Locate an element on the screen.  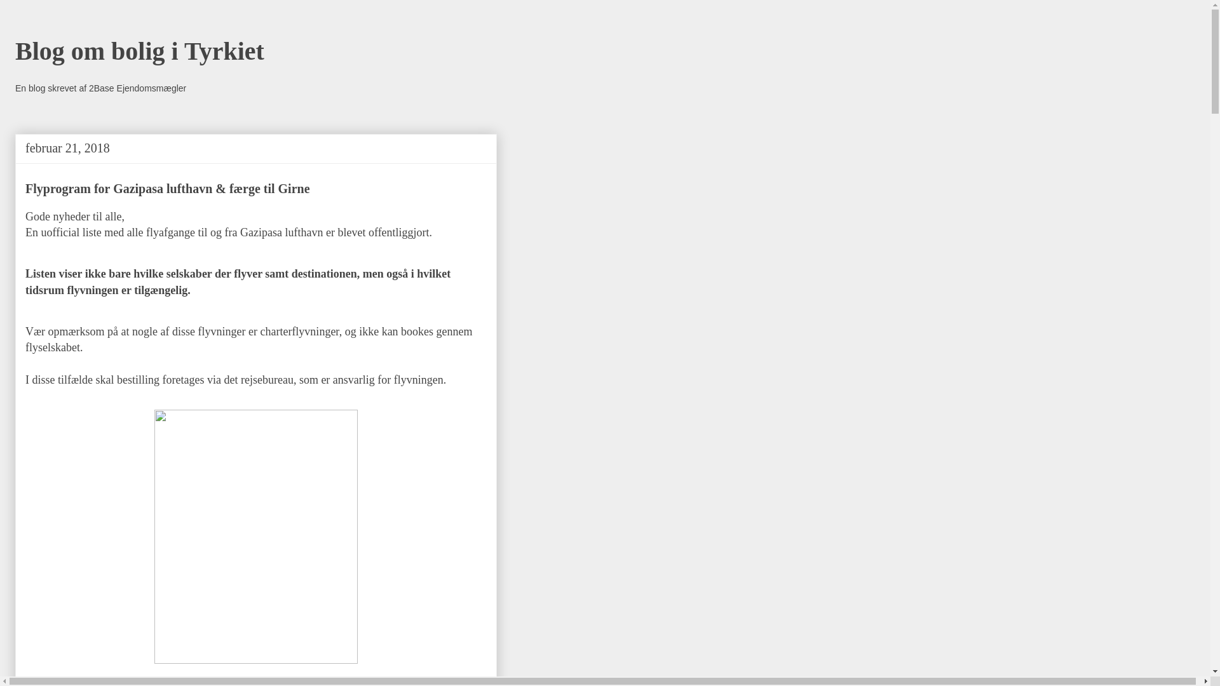
'Blog om bolig i Tyrkiet' is located at coordinates (140, 50).